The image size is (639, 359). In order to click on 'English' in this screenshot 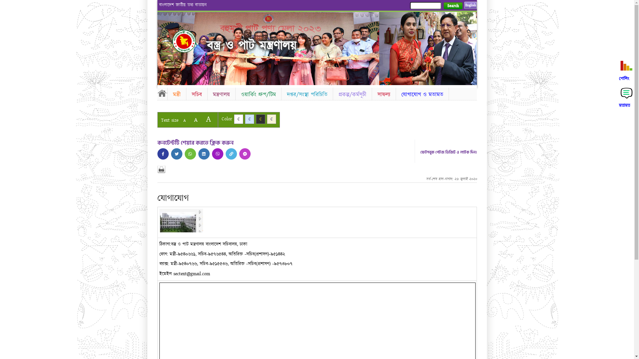, I will do `click(470, 5)`.